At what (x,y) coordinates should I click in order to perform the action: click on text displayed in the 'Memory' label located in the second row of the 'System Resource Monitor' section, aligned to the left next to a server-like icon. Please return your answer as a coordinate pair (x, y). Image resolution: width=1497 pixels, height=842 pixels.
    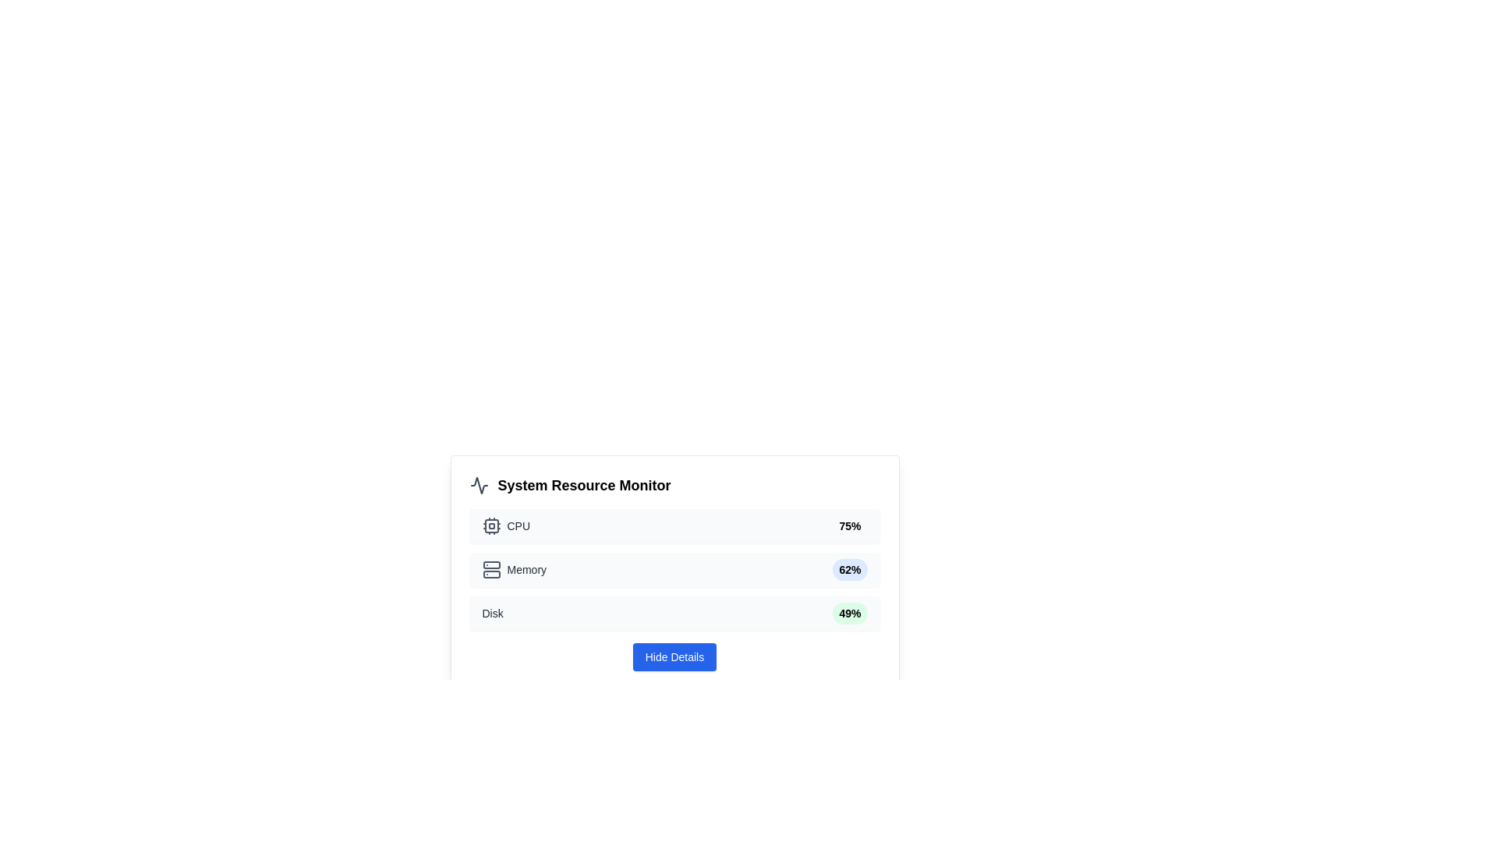
    Looking at the image, I should click on (526, 570).